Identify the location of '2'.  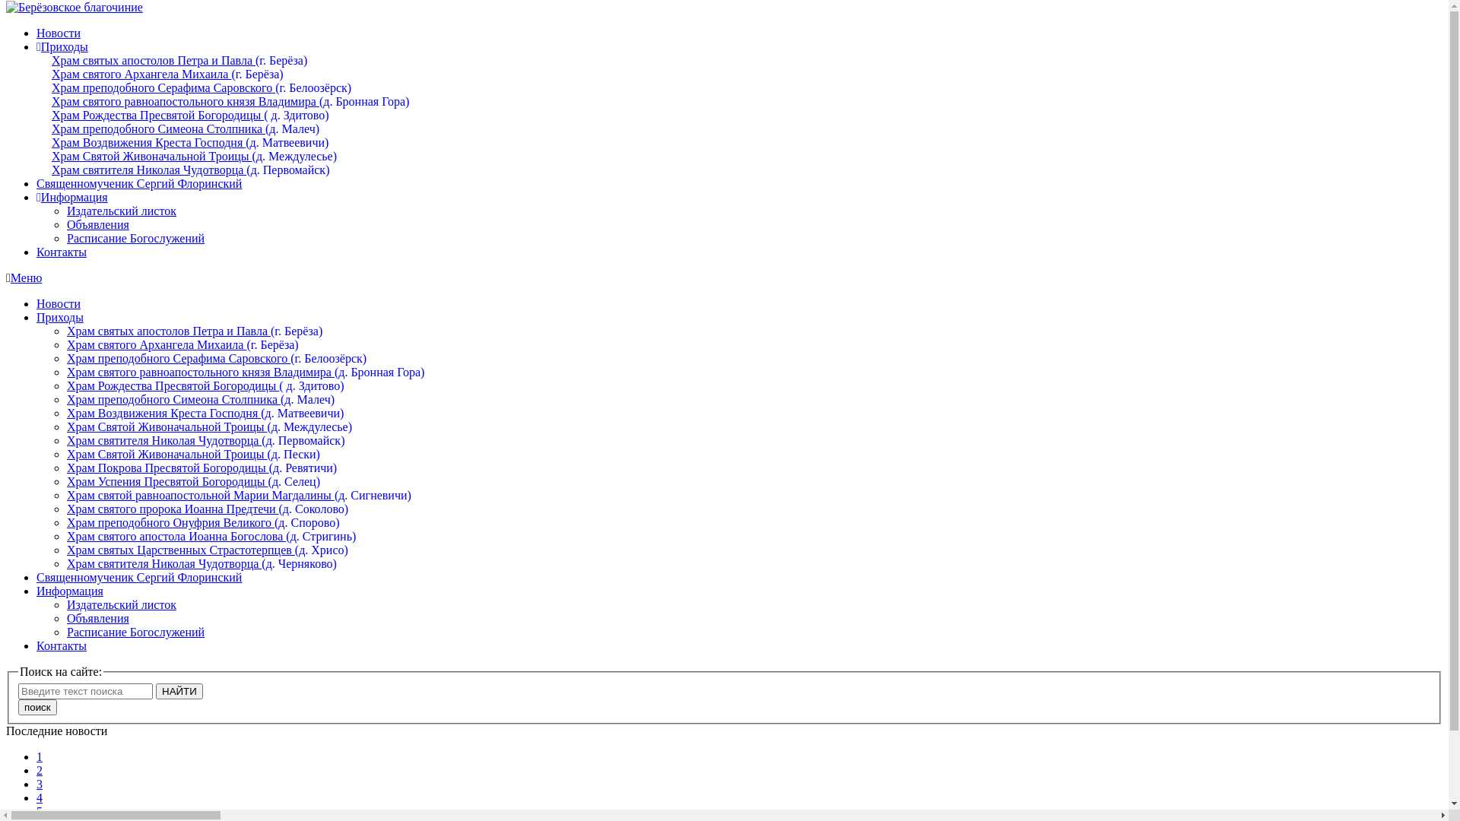
(40, 770).